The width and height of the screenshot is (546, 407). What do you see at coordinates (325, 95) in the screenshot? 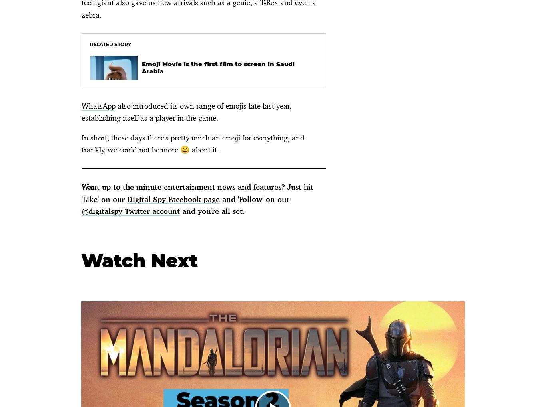
I see `'Advertising'` at bounding box center [325, 95].